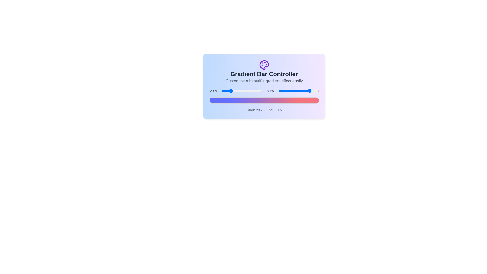 The image size is (487, 274). I want to click on the header icon to interact with it, so click(264, 64).